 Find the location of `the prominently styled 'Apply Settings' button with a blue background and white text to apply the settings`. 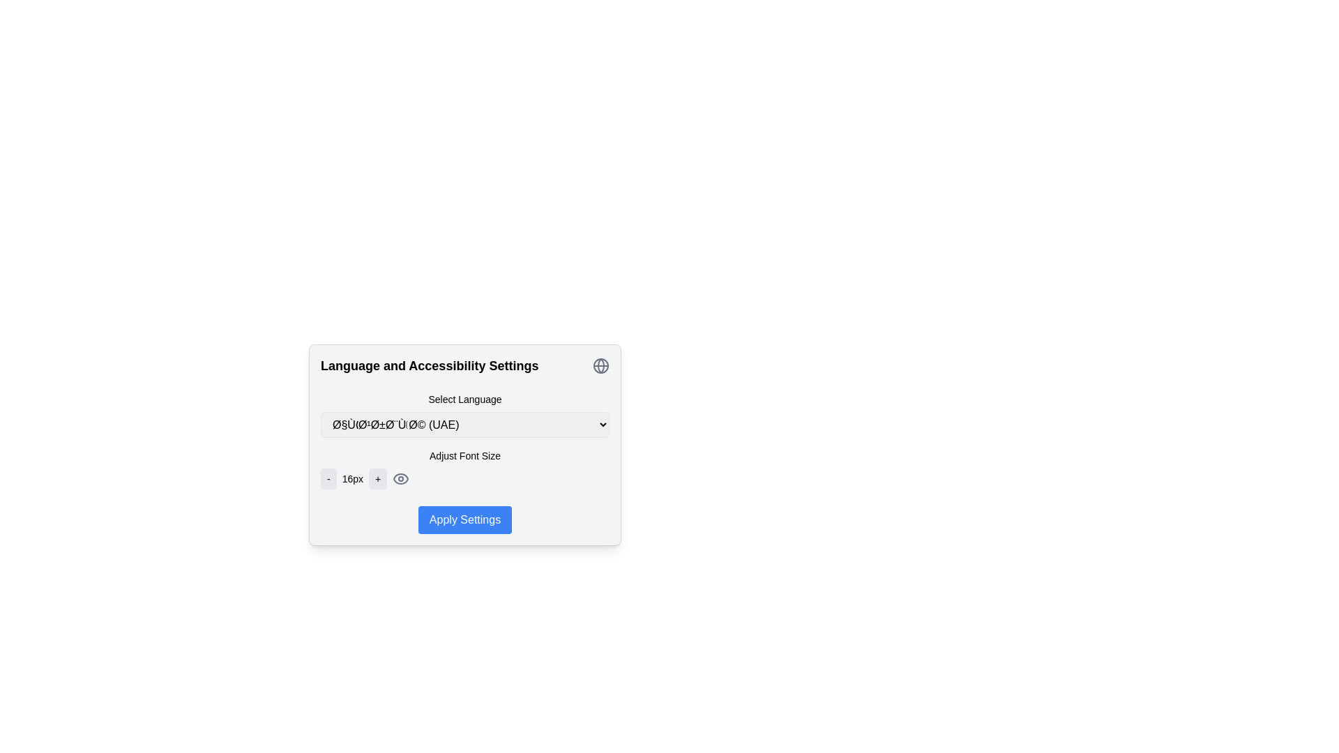

the prominently styled 'Apply Settings' button with a blue background and white text to apply the settings is located at coordinates (465, 519).